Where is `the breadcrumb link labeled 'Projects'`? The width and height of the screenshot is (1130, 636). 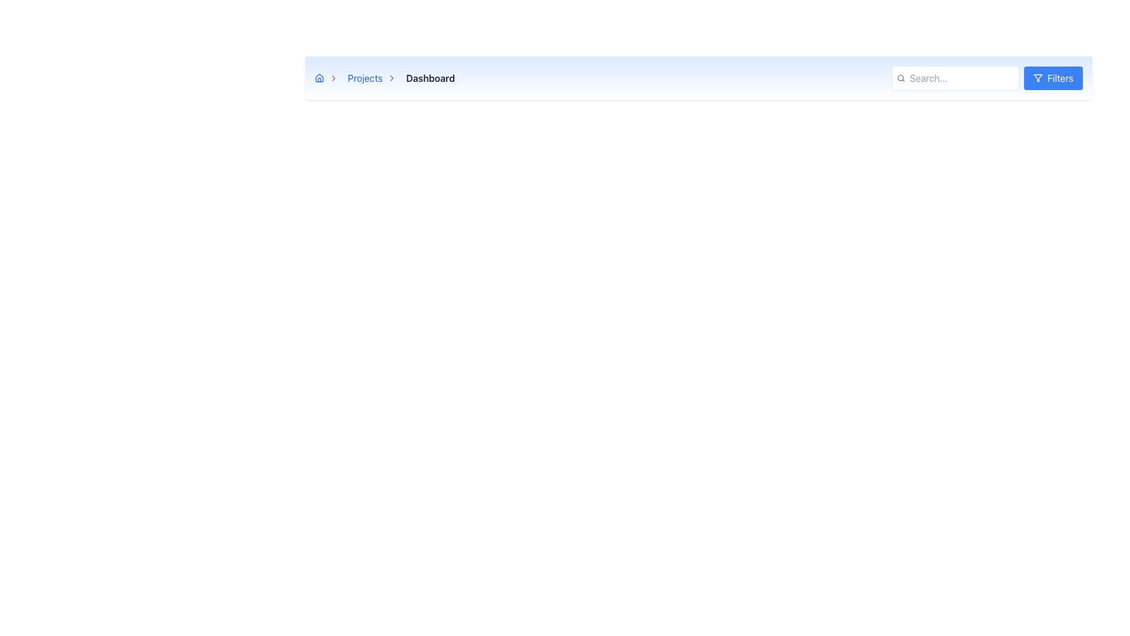
the breadcrumb link labeled 'Projects' is located at coordinates (374, 78).